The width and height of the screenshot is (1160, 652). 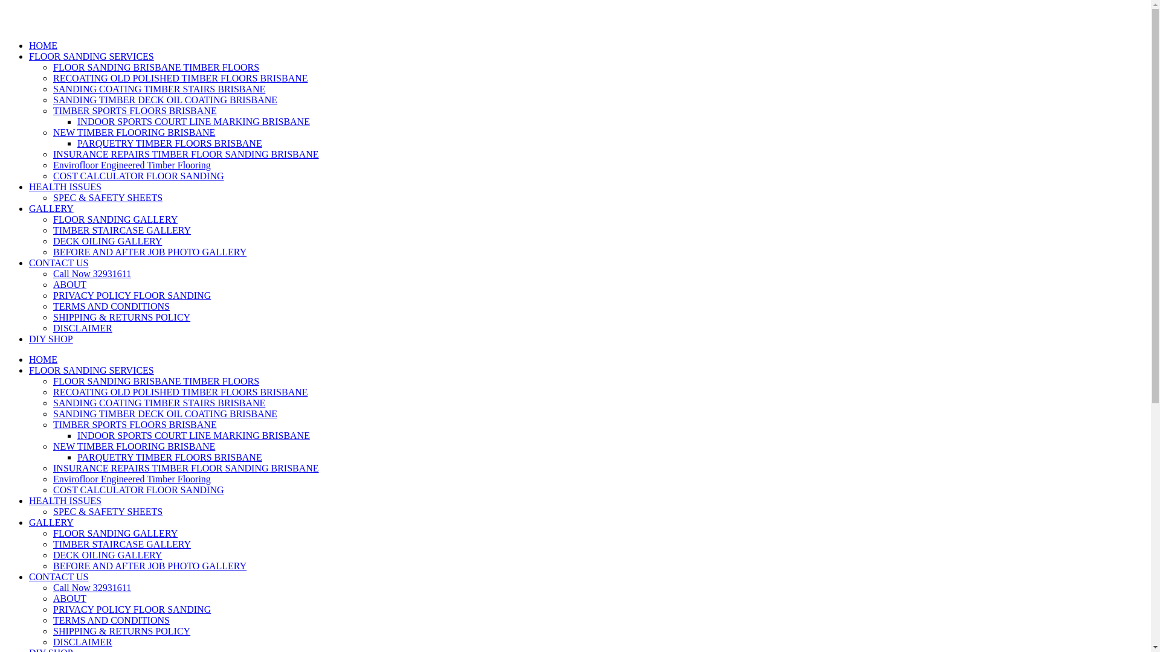 What do you see at coordinates (52, 424) in the screenshot?
I see `'TIMBER SPORTS FLOORS BRISBANE'` at bounding box center [52, 424].